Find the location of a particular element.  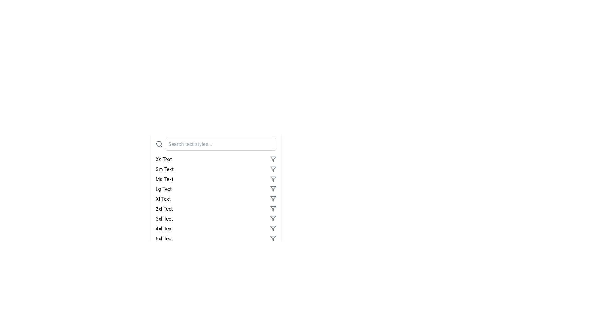

the filter toggle button associated with the '3xl Text' option located seventh in a vertical list of similar icons is located at coordinates (273, 218).